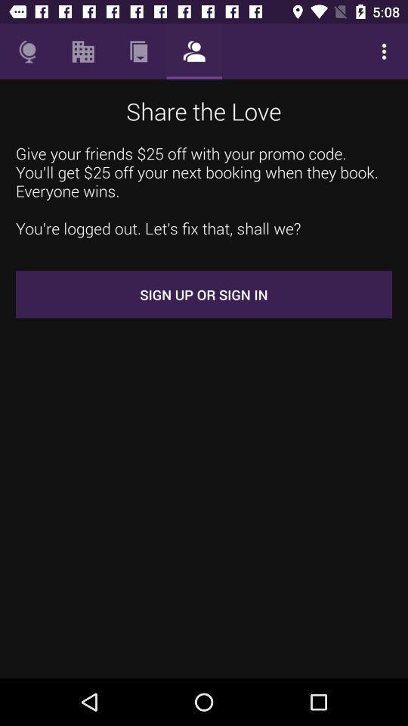 The width and height of the screenshot is (408, 726). I want to click on sign up or item, so click(204, 293).